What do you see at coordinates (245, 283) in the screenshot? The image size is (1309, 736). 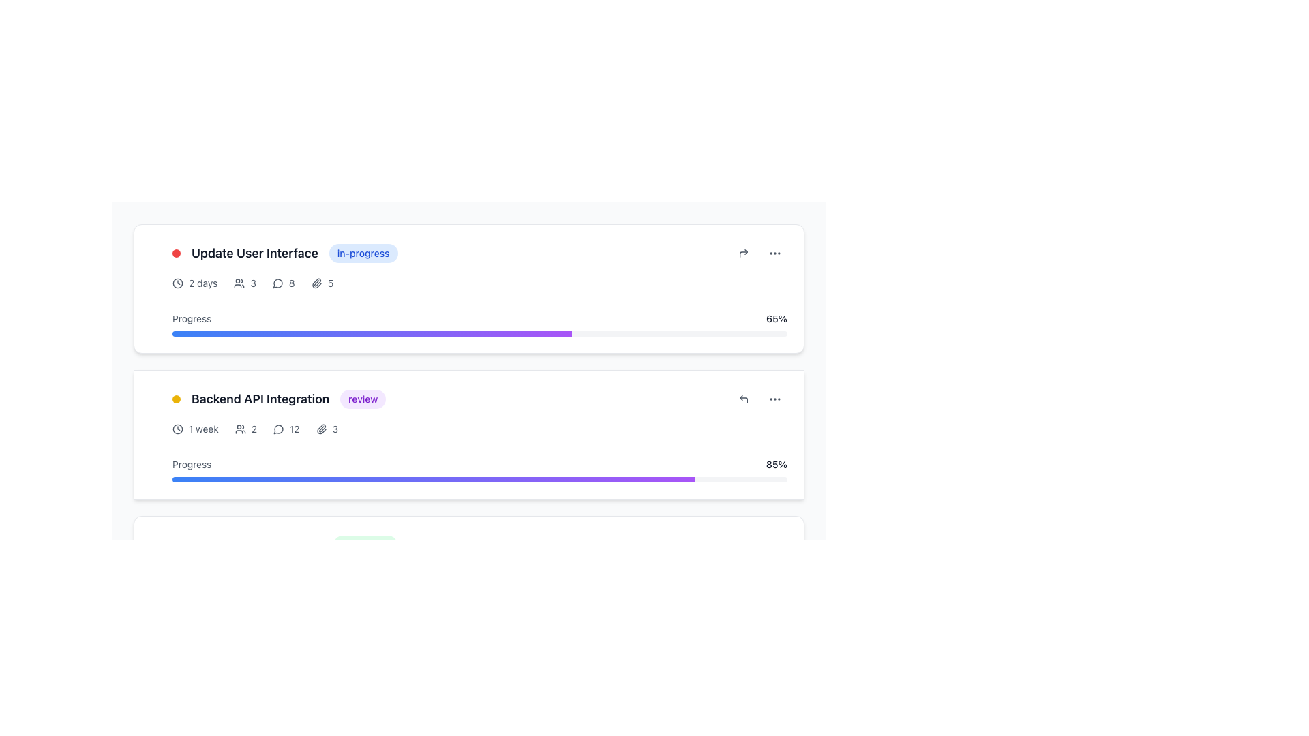 I see `the user icon and number combination in the first task card under the 'Update User Interface' title` at bounding box center [245, 283].